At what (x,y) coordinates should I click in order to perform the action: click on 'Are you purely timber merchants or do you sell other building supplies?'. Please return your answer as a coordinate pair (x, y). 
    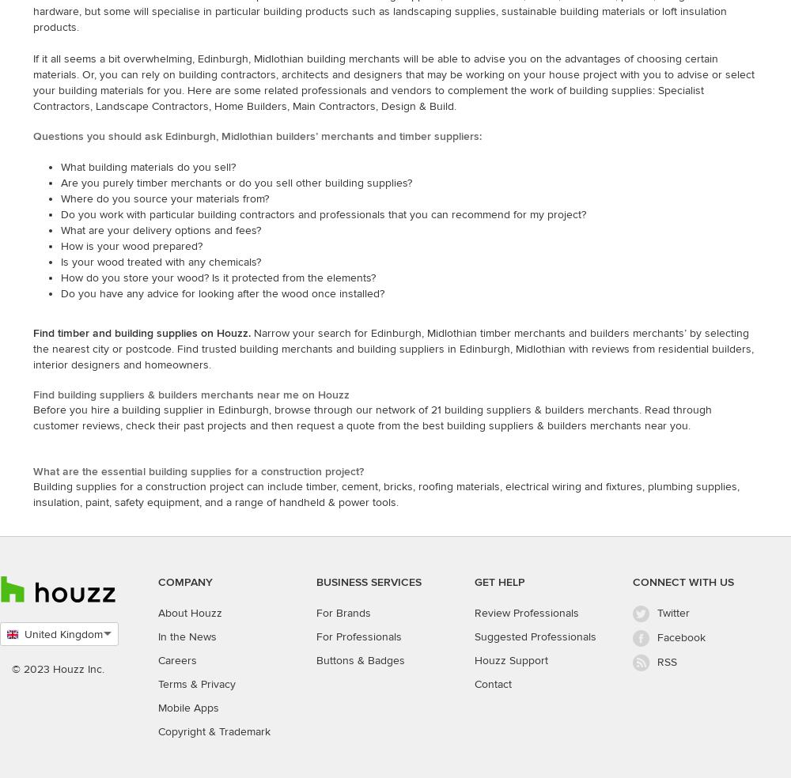
    Looking at the image, I should click on (237, 183).